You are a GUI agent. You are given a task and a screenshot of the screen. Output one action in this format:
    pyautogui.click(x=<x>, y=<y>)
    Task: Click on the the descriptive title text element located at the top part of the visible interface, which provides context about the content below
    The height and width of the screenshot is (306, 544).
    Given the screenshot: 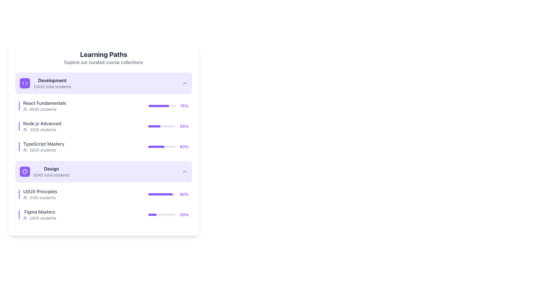 What is the action you would take?
    pyautogui.click(x=103, y=54)
    